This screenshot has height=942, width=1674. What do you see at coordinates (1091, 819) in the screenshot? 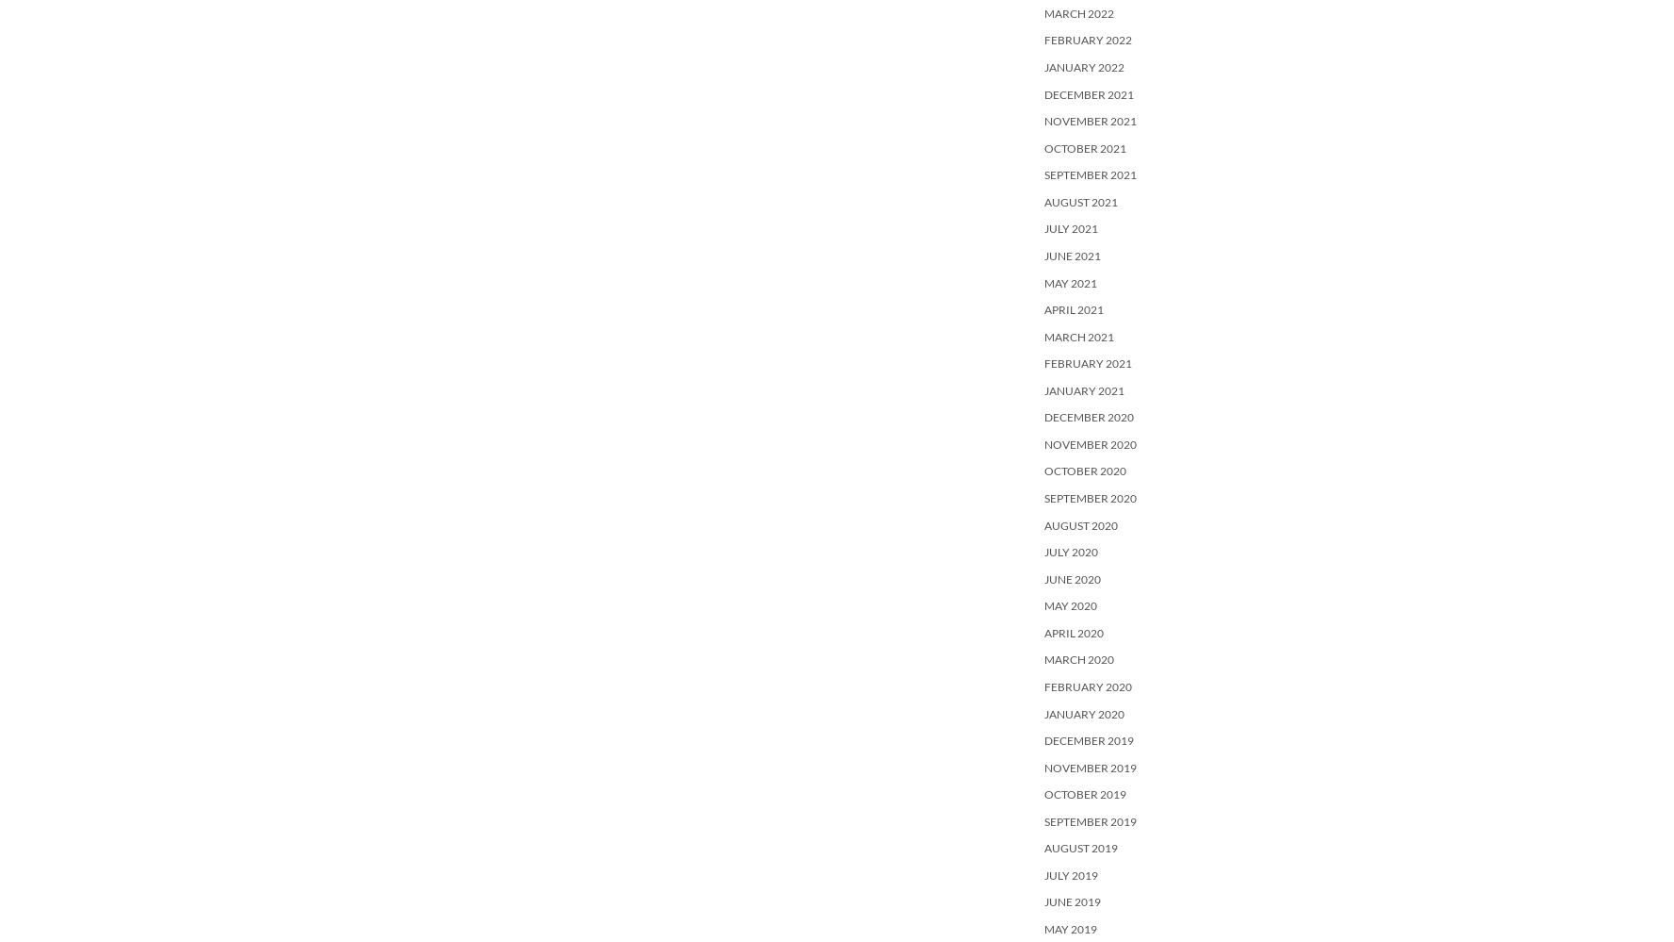
I see `'September 2019'` at bounding box center [1091, 819].